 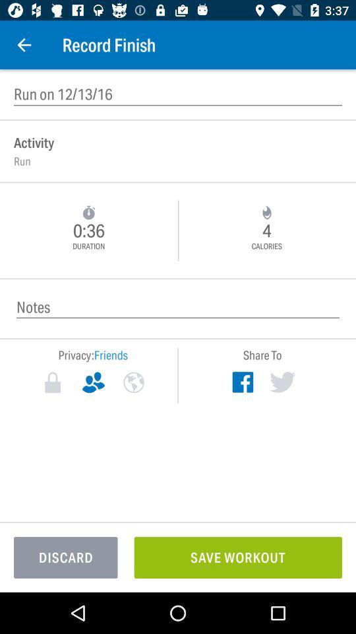 What do you see at coordinates (133, 382) in the screenshot?
I see `etc` at bounding box center [133, 382].